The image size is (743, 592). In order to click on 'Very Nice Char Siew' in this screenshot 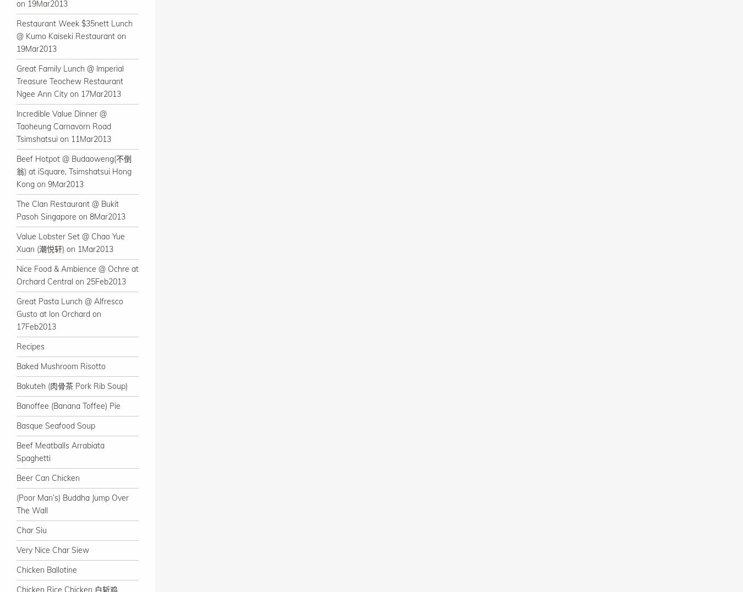, I will do `click(52, 550)`.